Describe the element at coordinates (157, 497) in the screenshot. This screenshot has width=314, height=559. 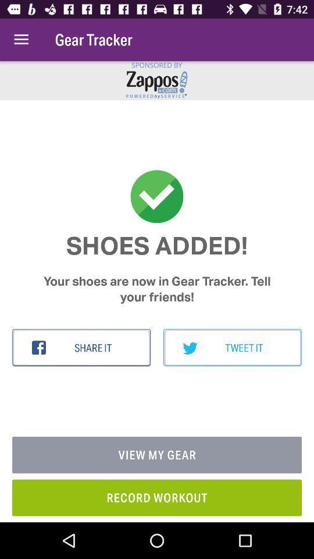
I see `record workout icon` at that location.